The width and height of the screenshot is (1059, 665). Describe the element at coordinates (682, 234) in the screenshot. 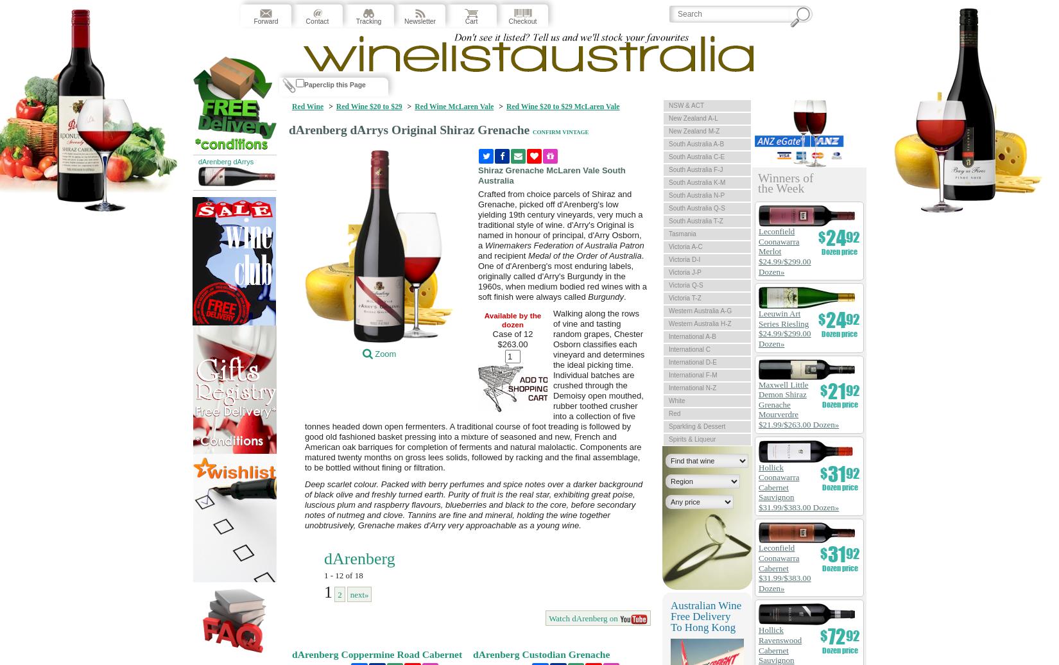

I see `'Tasmania'` at that location.